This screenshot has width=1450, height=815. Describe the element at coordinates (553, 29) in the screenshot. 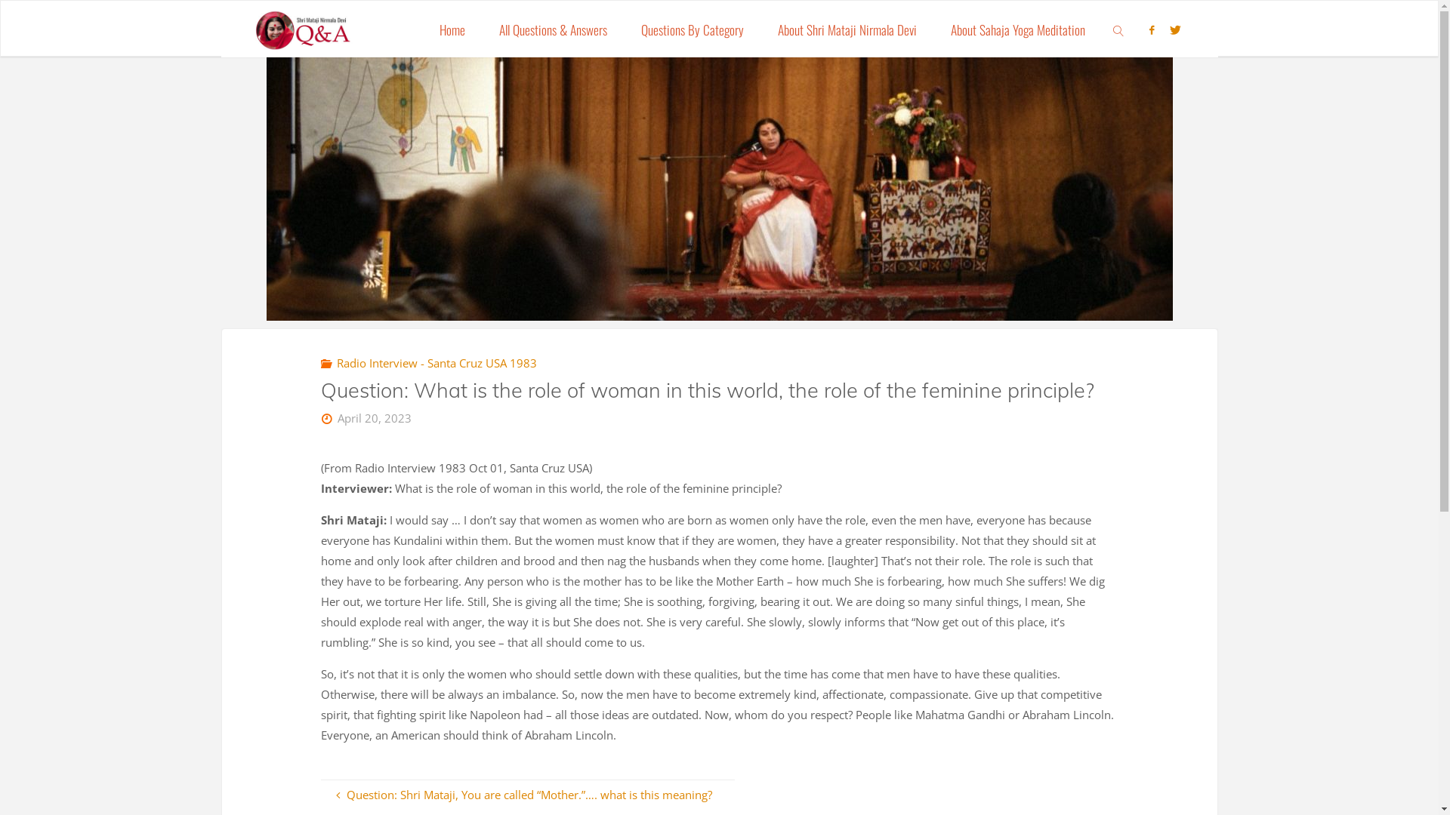

I see `'All Questions & Answers'` at that location.